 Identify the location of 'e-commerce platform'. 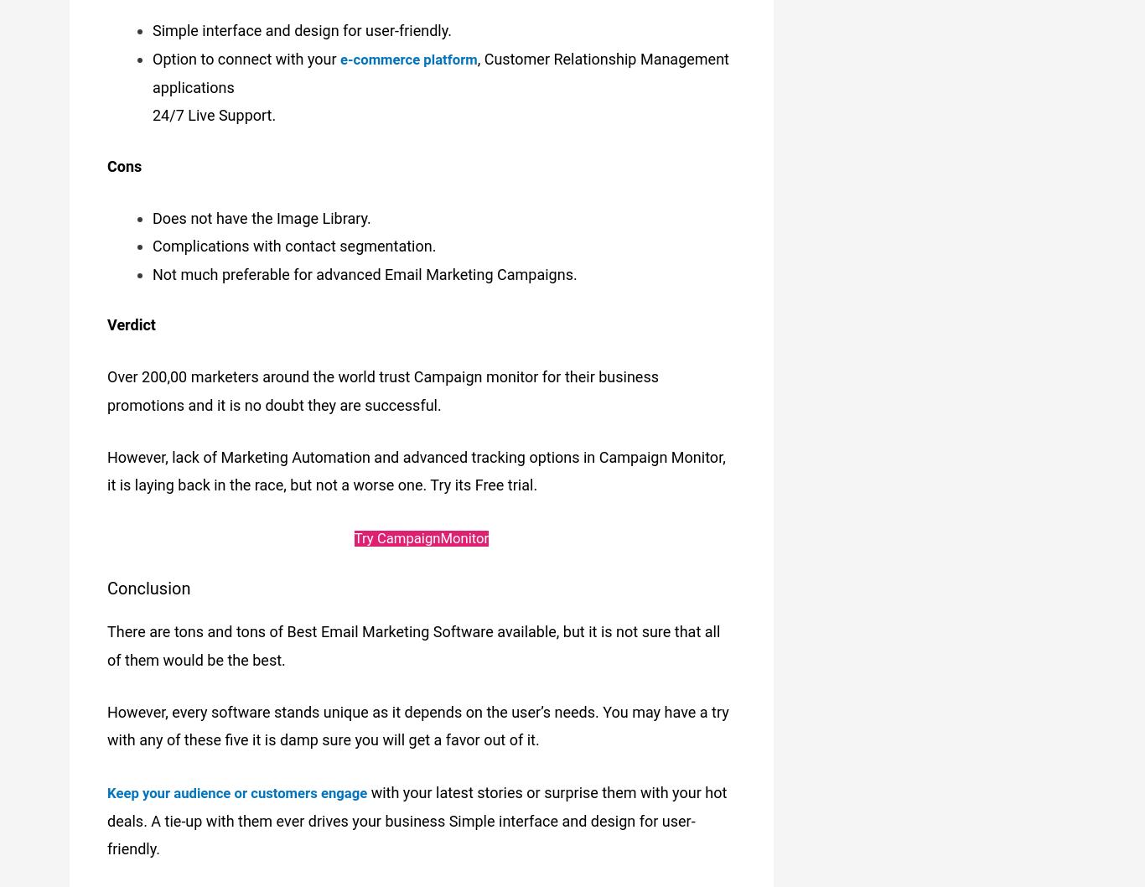
(413, 49).